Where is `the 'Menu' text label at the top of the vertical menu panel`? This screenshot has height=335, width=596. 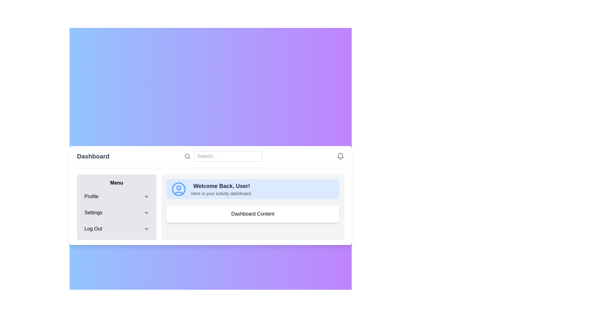
the 'Menu' text label at the top of the vertical menu panel is located at coordinates (116, 182).